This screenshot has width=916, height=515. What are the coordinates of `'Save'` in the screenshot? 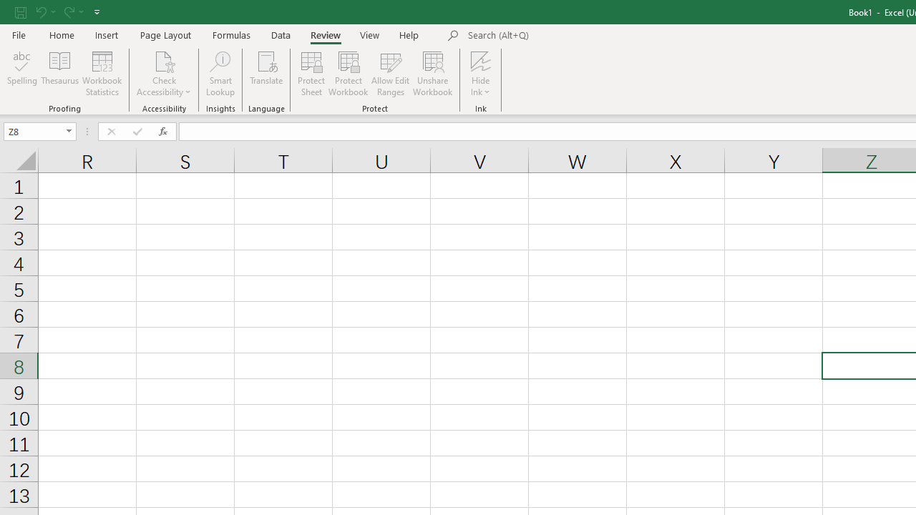 It's located at (21, 11).